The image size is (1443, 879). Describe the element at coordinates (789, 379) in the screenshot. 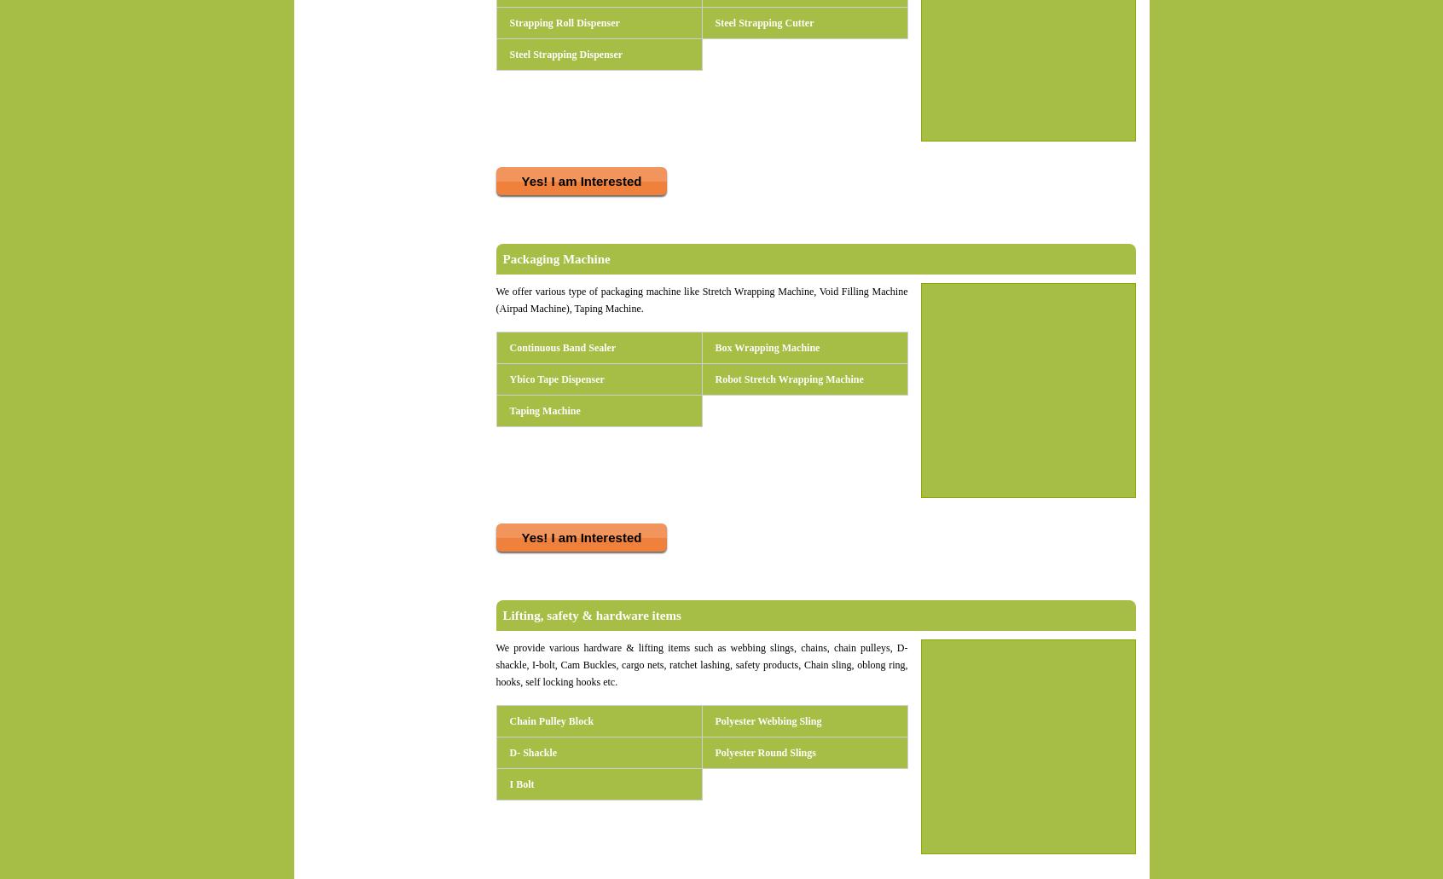

I see `'Robot Stretch Wrapping Machine'` at that location.